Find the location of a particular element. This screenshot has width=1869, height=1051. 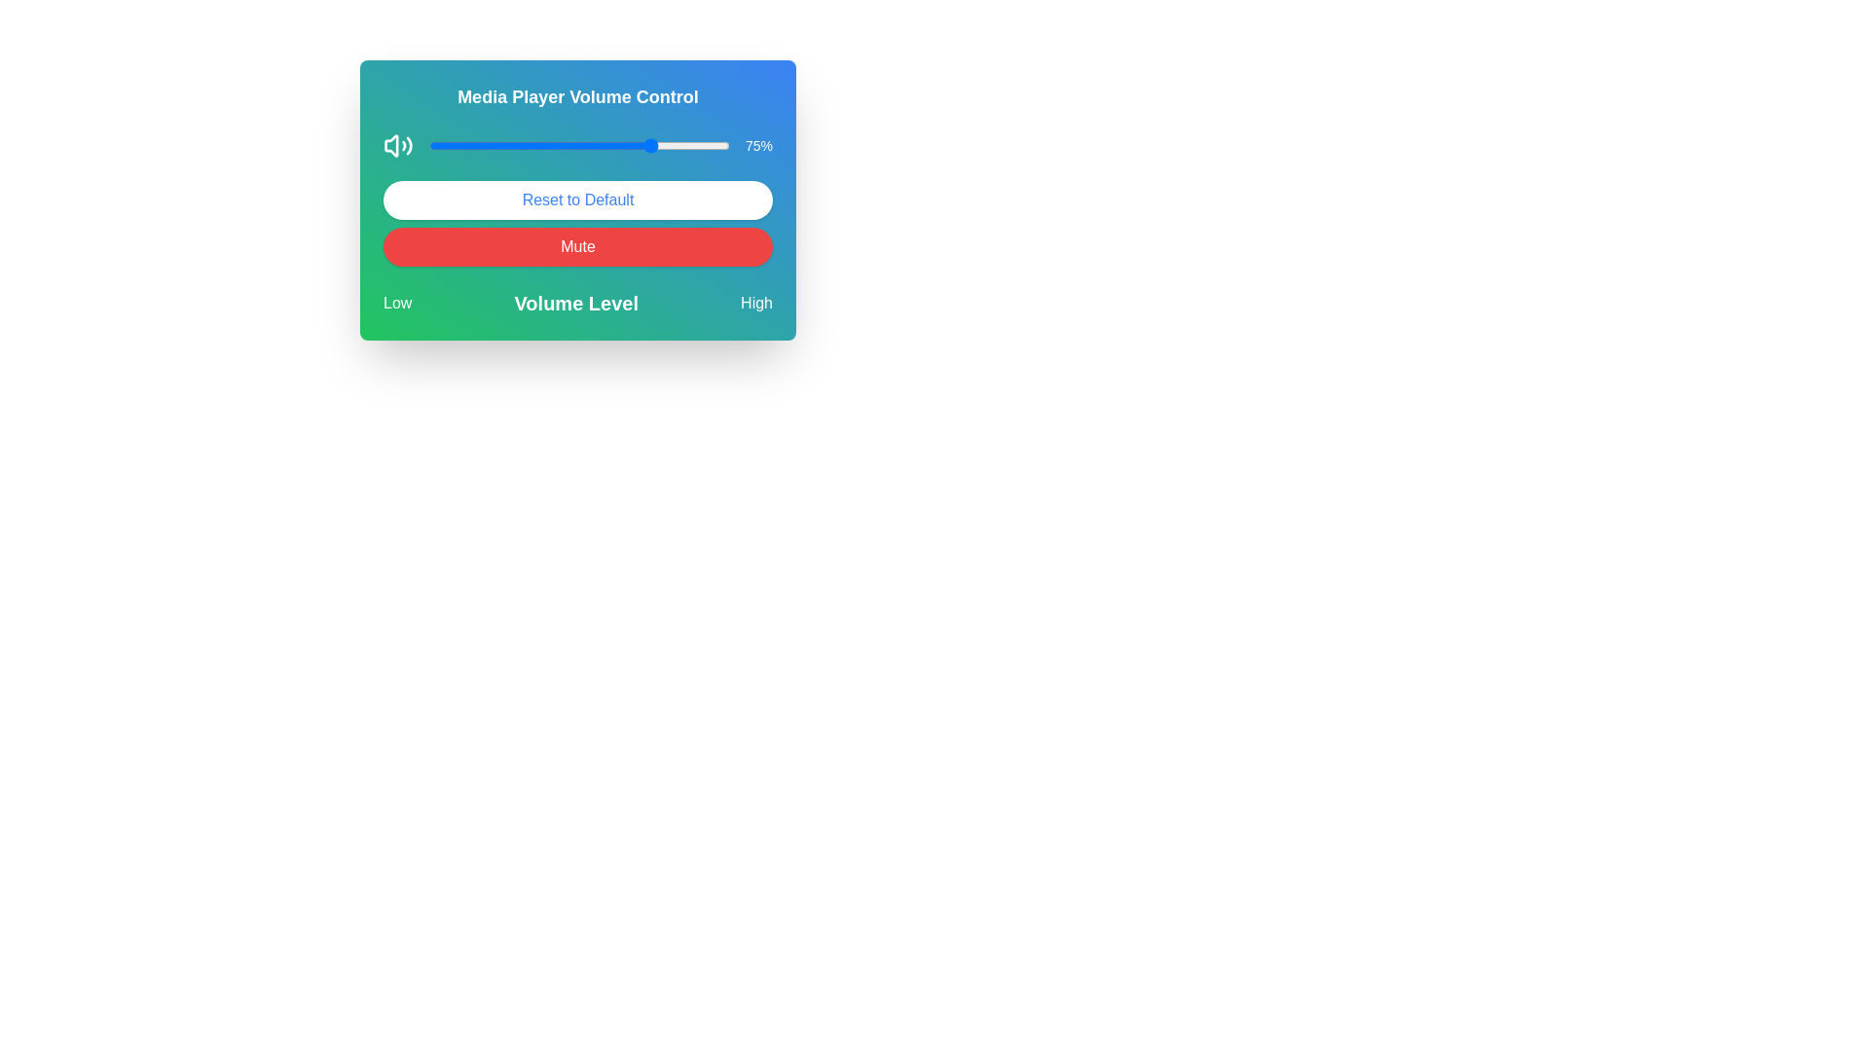

the volume control icon that depicts a speaker emitting sound waves, which is located on the far left of the volume control bar is located at coordinates (397, 145).